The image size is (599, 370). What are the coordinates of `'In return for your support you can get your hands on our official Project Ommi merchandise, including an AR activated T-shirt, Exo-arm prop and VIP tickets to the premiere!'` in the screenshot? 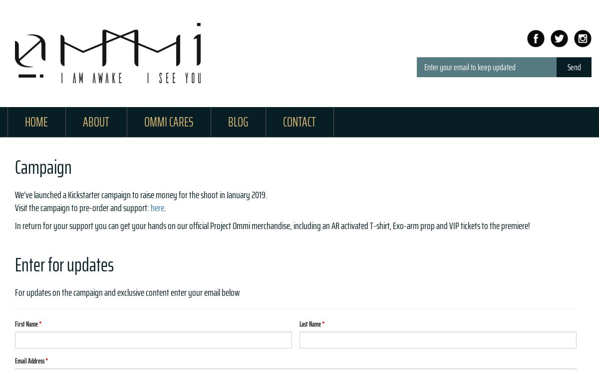 It's located at (272, 224).